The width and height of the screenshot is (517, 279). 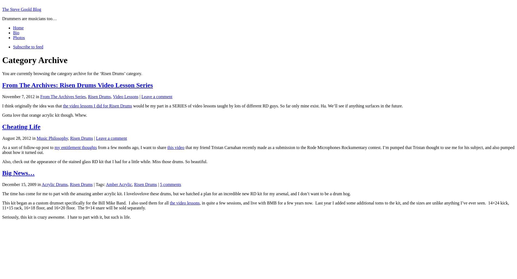 What do you see at coordinates (75, 147) in the screenshot?
I see `'my entitlement thoughts'` at bounding box center [75, 147].